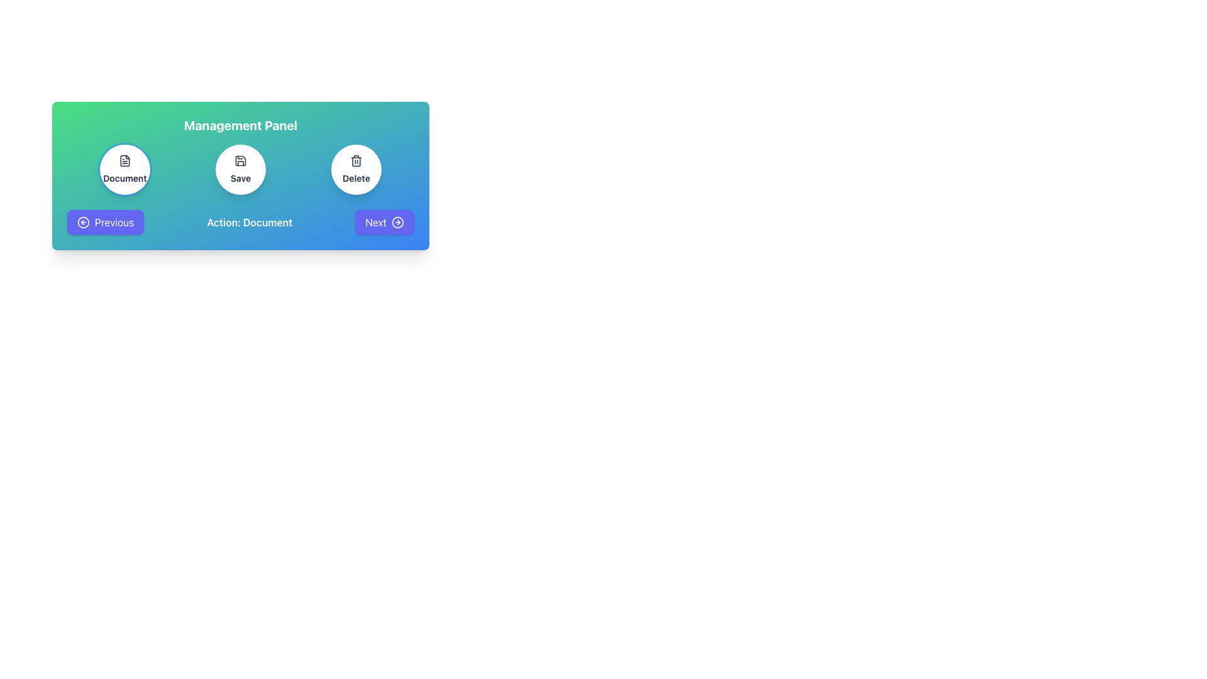 Image resolution: width=1207 pixels, height=679 pixels. Describe the element at coordinates (124, 160) in the screenshot. I see `the gray file text document icon located inside the circular button labeled 'Document' in the Management Panel` at that location.